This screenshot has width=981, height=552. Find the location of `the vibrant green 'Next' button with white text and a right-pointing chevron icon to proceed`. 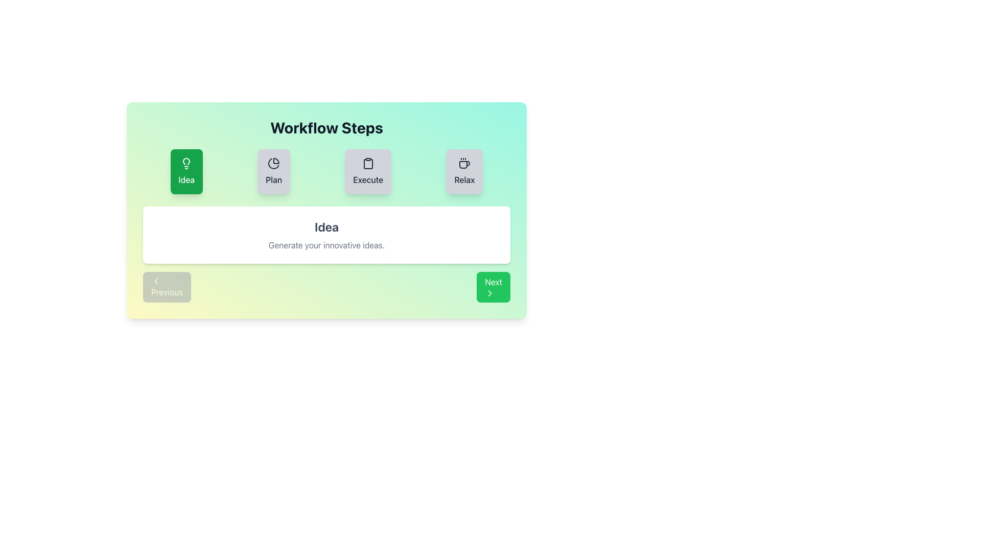

the vibrant green 'Next' button with white text and a right-pointing chevron icon to proceed is located at coordinates (494, 287).